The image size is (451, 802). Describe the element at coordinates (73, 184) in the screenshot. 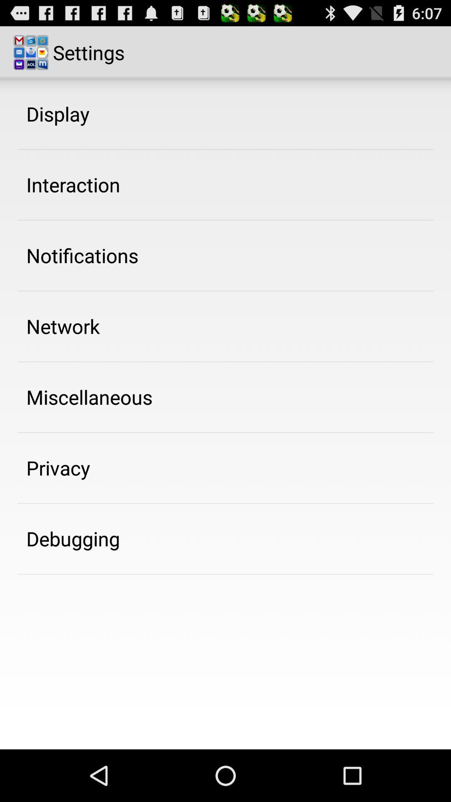

I see `interaction` at that location.